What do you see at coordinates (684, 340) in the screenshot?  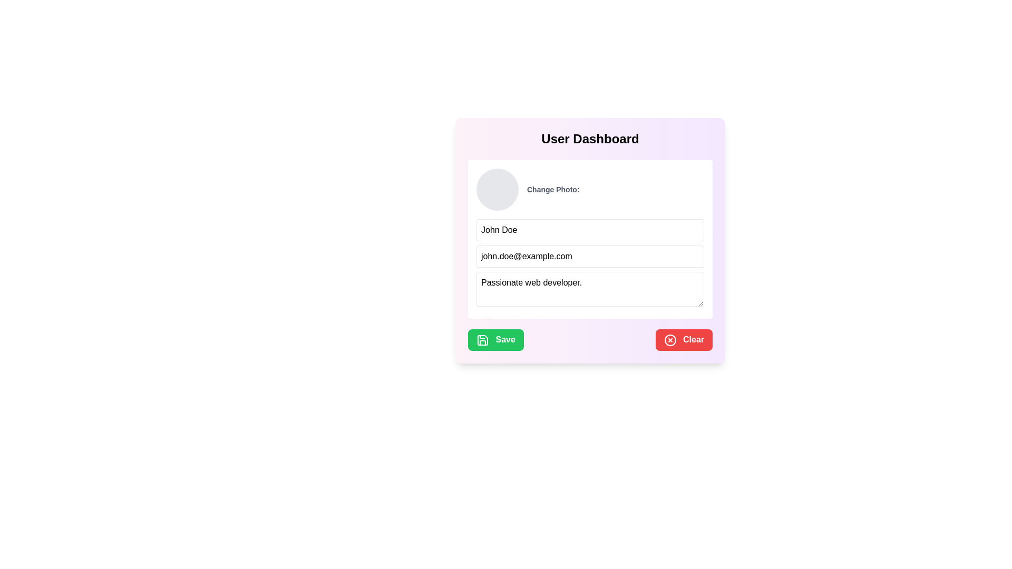 I see `the 'Clear' button located at the bottom-right corner of the 'User Dashboard' section, which is styled in red with white bold text and an 'X' icon` at bounding box center [684, 340].